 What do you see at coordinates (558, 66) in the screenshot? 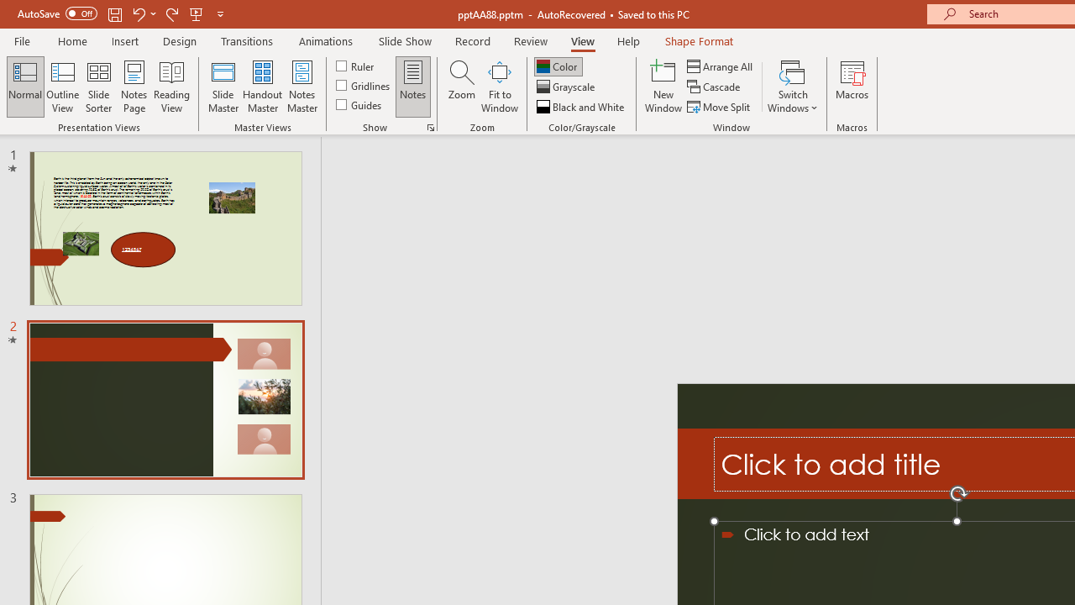
I see `'Color'` at bounding box center [558, 66].